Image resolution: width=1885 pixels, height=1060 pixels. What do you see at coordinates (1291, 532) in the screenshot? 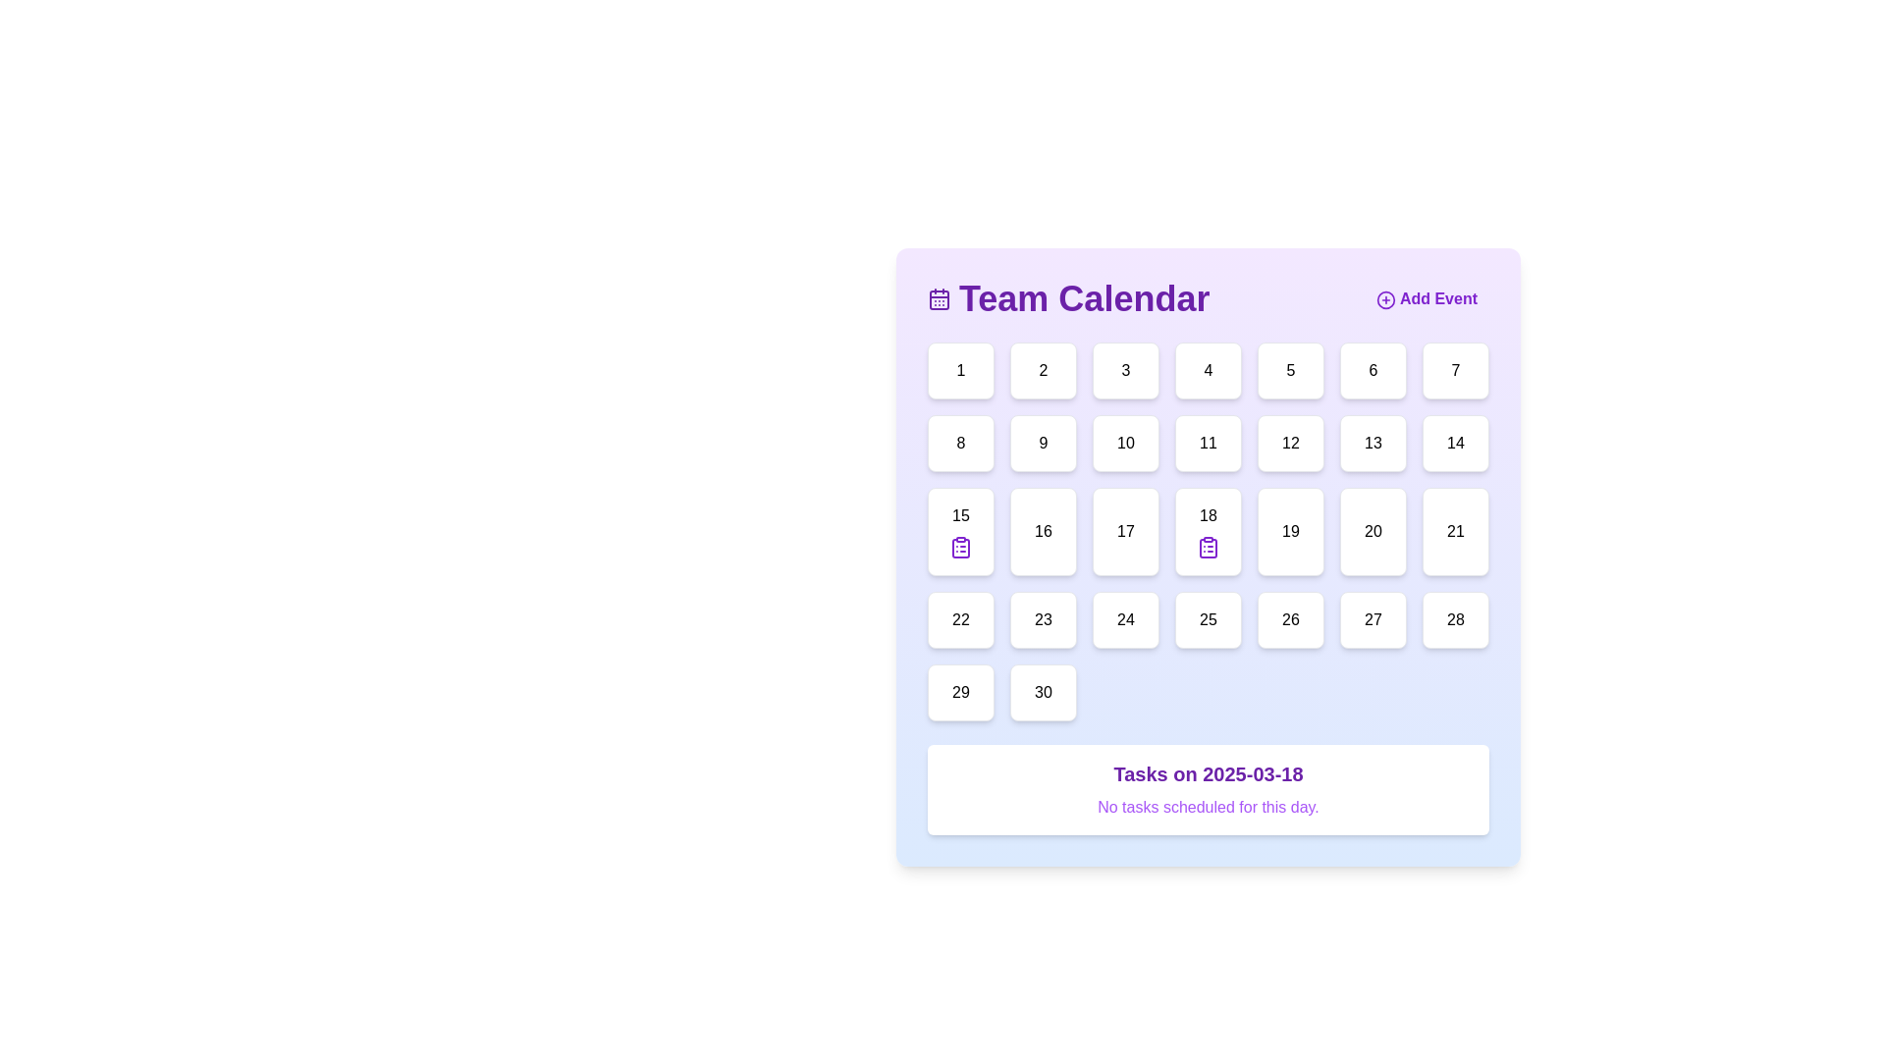
I see `the calendar day cell displaying the number '19'` at bounding box center [1291, 532].